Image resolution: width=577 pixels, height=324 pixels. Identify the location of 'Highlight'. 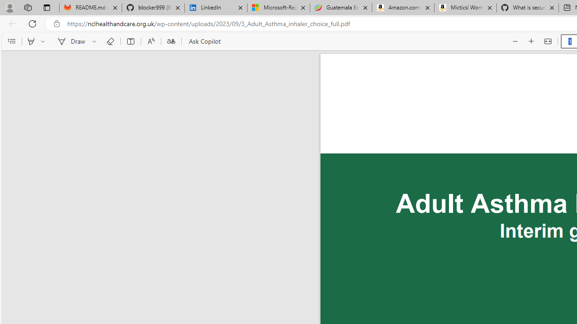
(31, 41).